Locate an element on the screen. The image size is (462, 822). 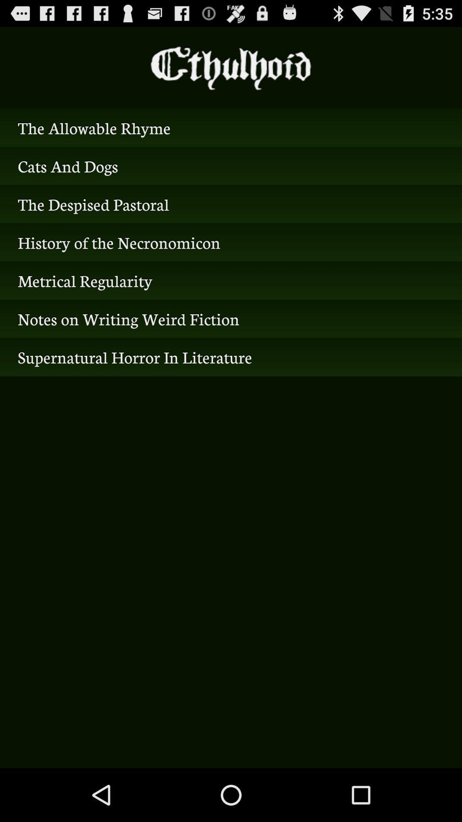
icon below notes on writing is located at coordinates (231, 357).